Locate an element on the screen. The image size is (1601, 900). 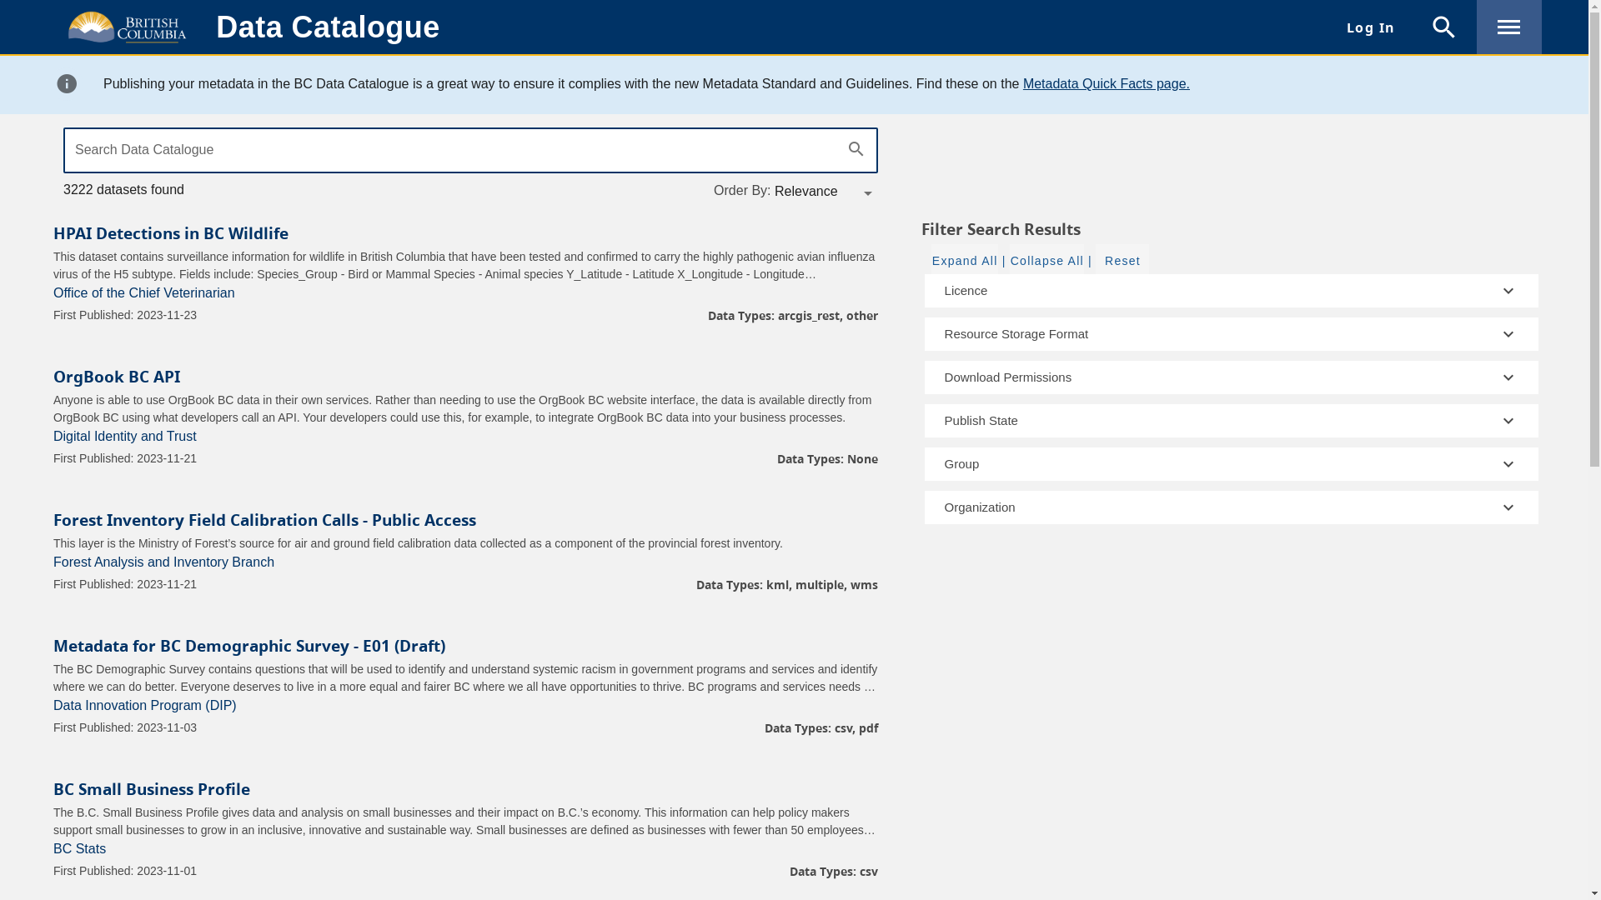
'search' is located at coordinates (1443, 27).